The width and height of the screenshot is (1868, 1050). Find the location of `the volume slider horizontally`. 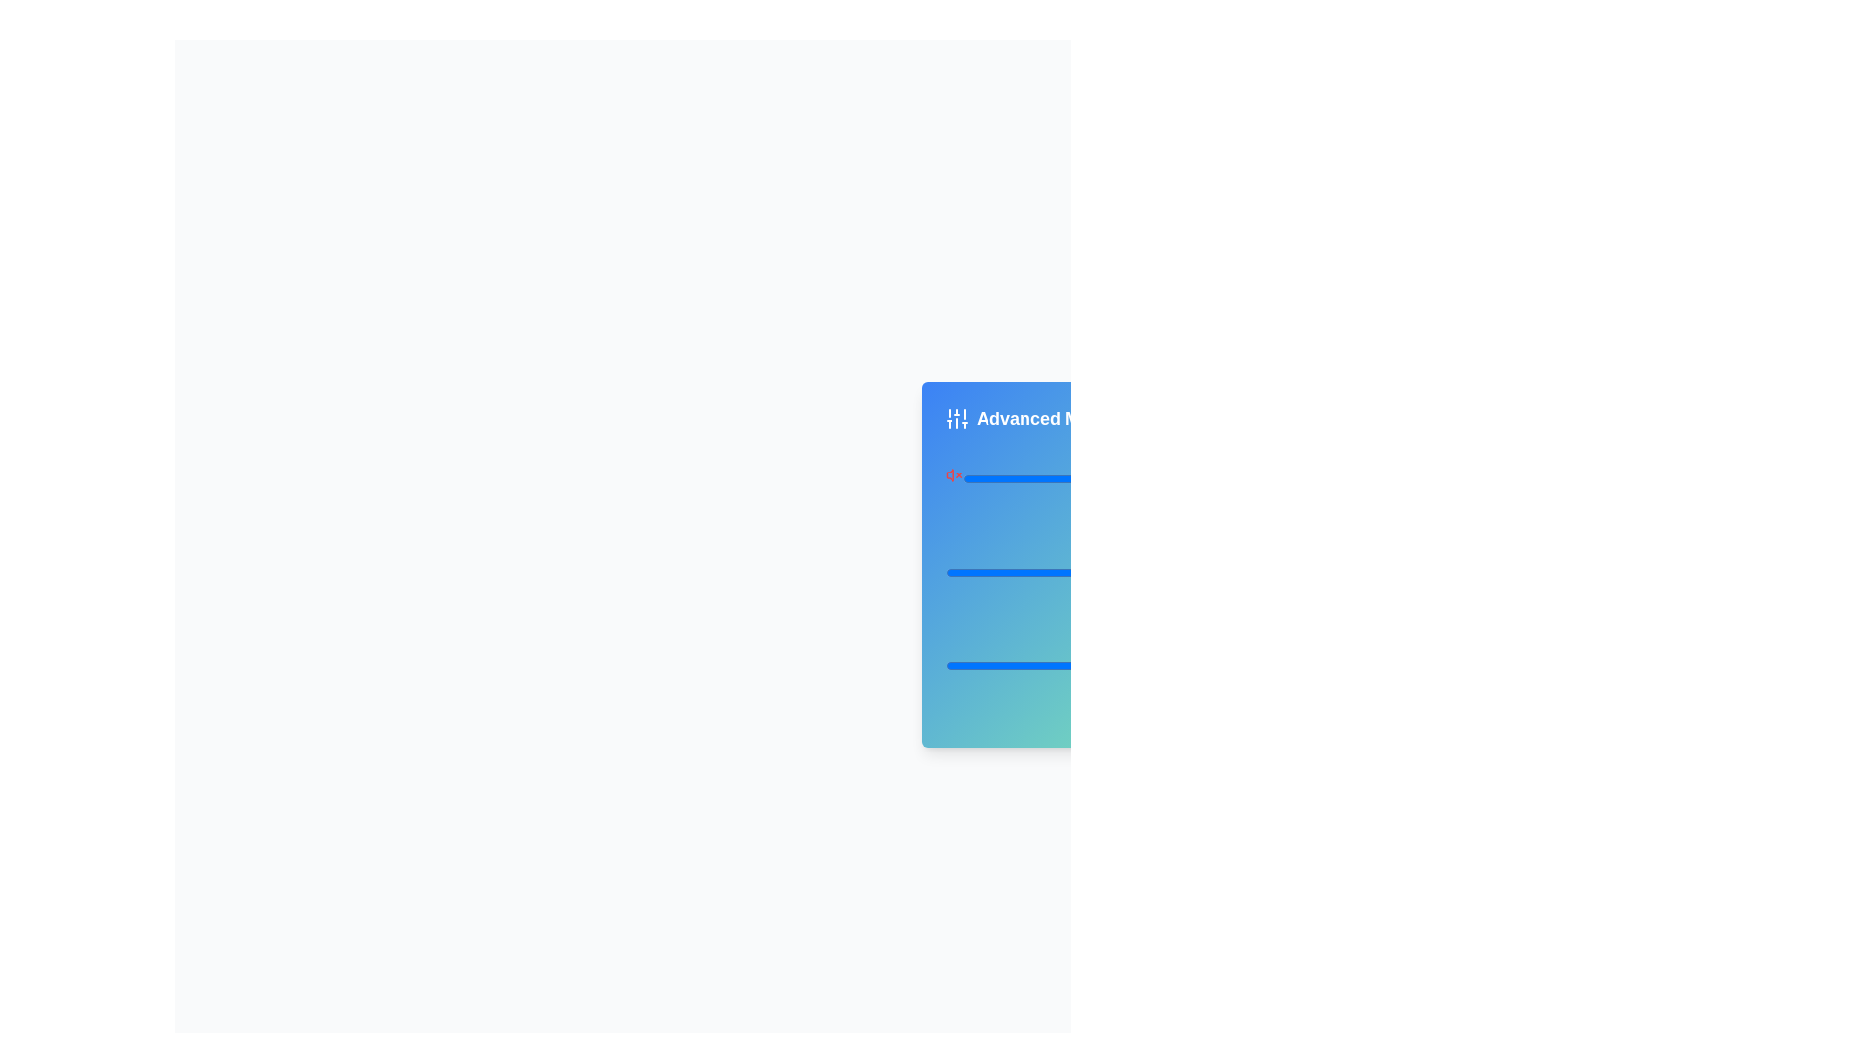

the volume slider horizontally is located at coordinates (1109, 475).